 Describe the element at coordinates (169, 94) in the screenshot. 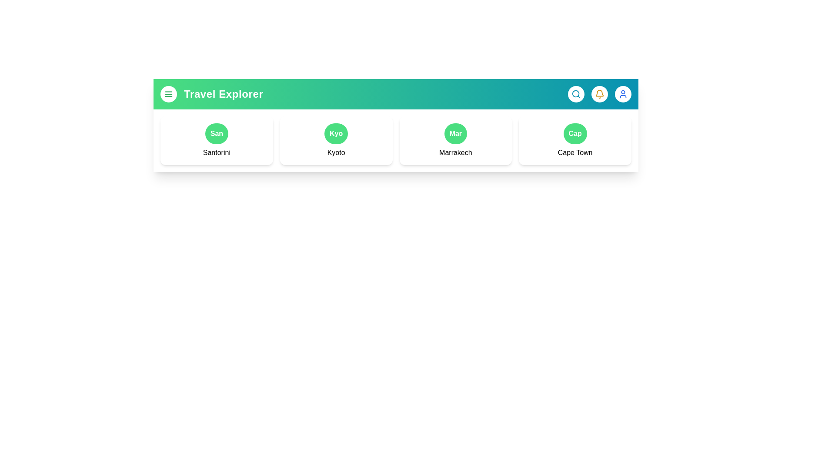

I see `the button corresponding to Menu` at that location.